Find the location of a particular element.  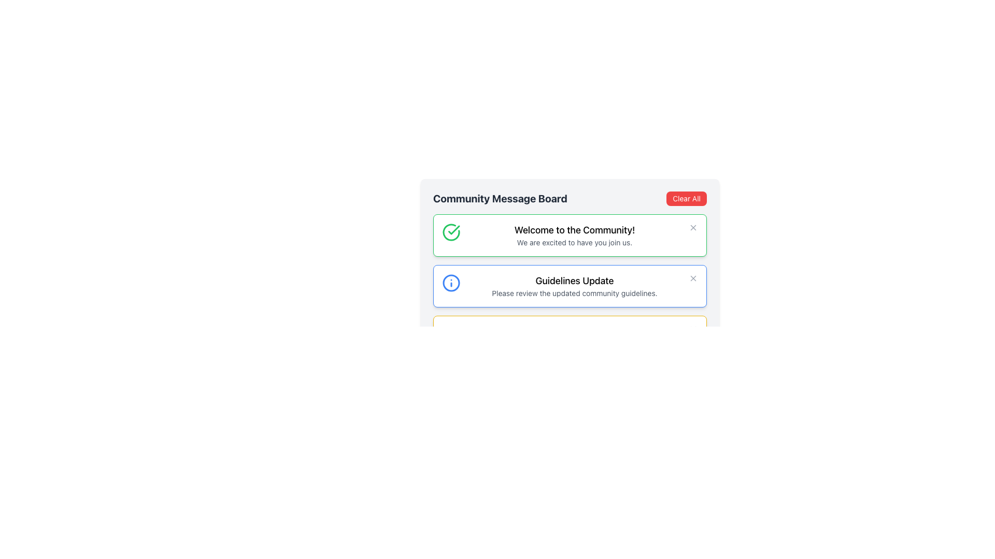

the Informational Card that welcomes the user to the community, which is the first card in the vertical list of announcements or messages is located at coordinates (569, 246).